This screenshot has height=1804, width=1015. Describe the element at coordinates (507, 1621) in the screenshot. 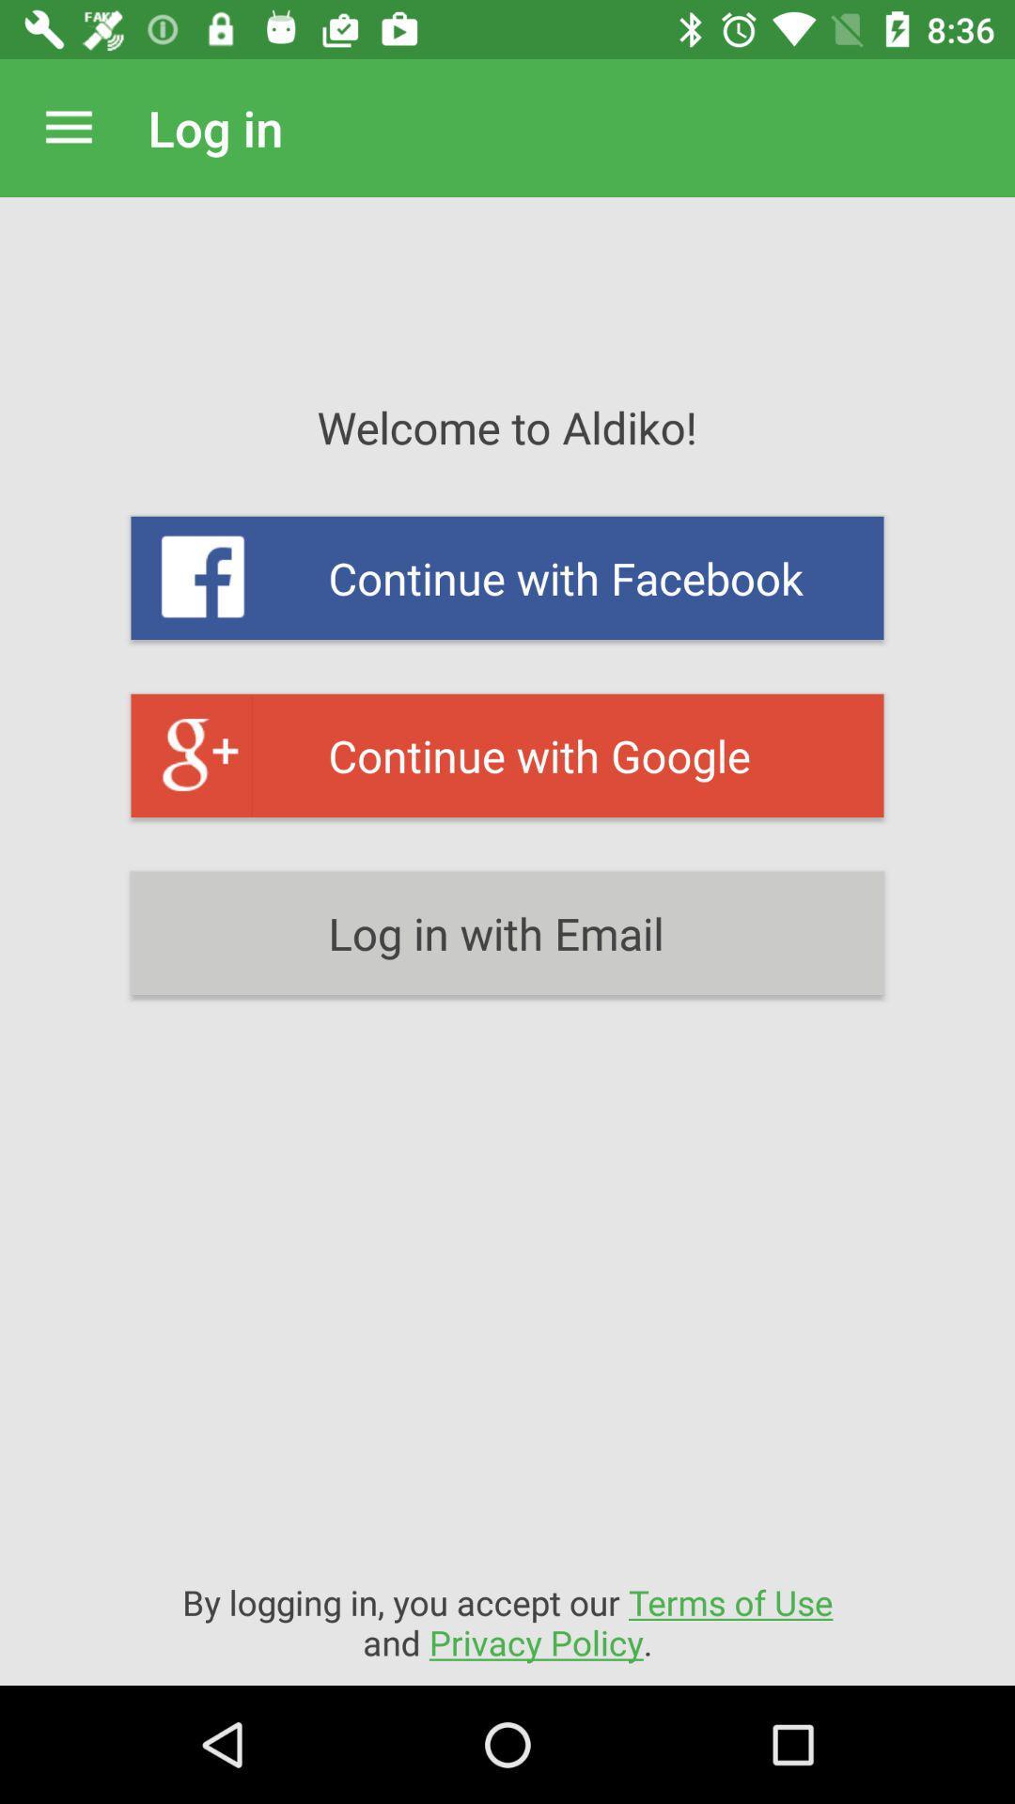

I see `the by logging in item` at that location.